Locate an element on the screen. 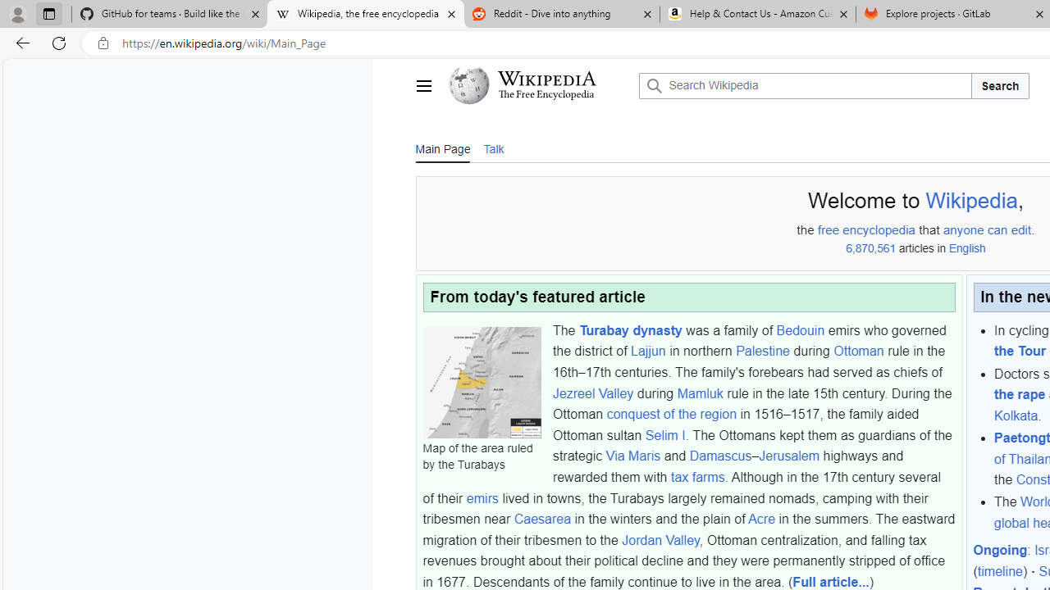 This screenshot has height=590, width=1050. 'The Free Encyclopedia' is located at coordinates (546, 95).